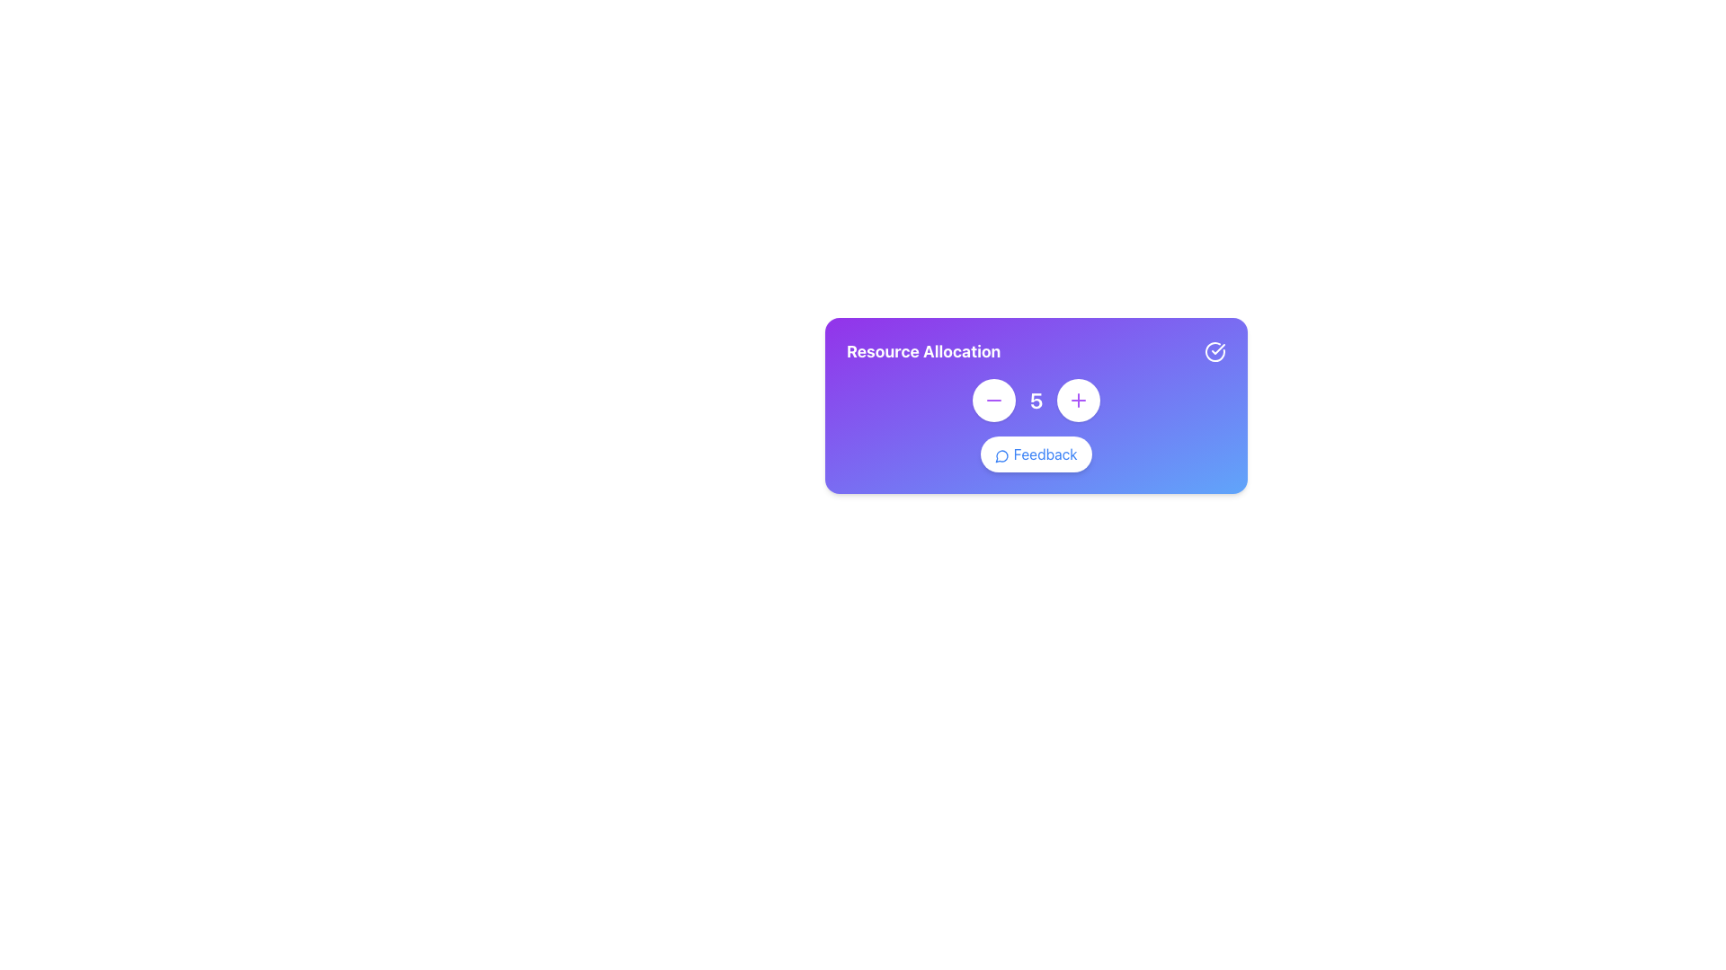 The image size is (1726, 970). What do you see at coordinates (1215, 352) in the screenshot?
I see `the success indicator icon located in the top-right corner of the 'Resource Allocation' module to acknowledge the completion status` at bounding box center [1215, 352].